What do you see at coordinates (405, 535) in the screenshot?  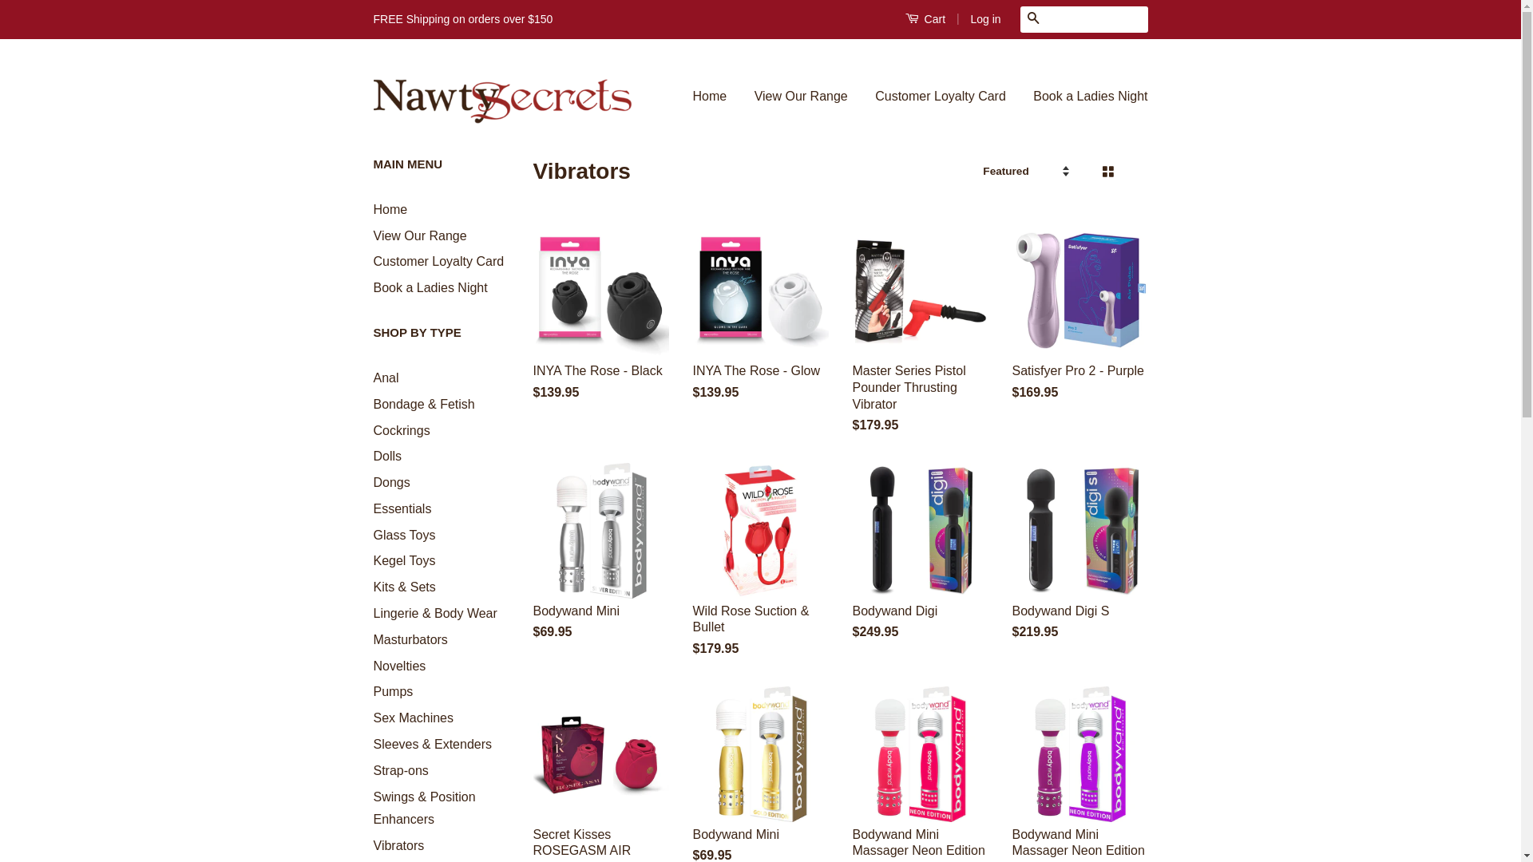 I see `'Glass Toys'` at bounding box center [405, 535].